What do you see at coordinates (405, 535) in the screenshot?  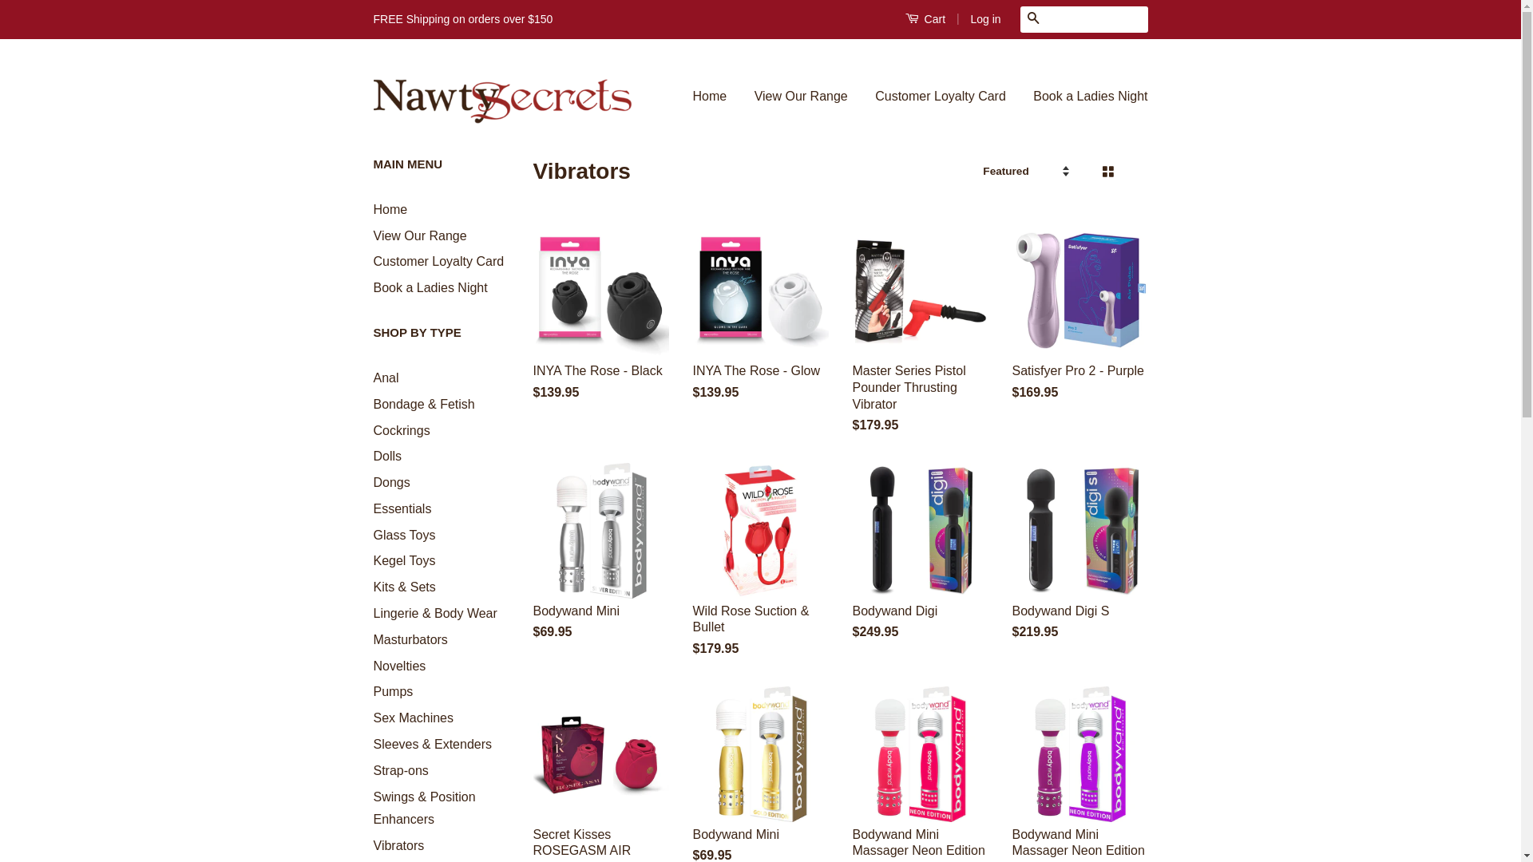 I see `'Glass Toys'` at bounding box center [405, 535].